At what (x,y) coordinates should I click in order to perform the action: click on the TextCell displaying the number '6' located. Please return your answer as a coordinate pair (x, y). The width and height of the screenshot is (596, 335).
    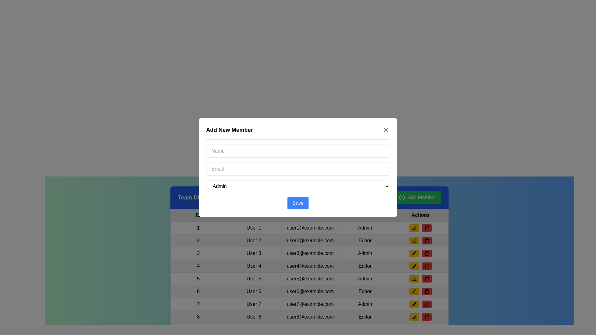
    Looking at the image, I should click on (198, 292).